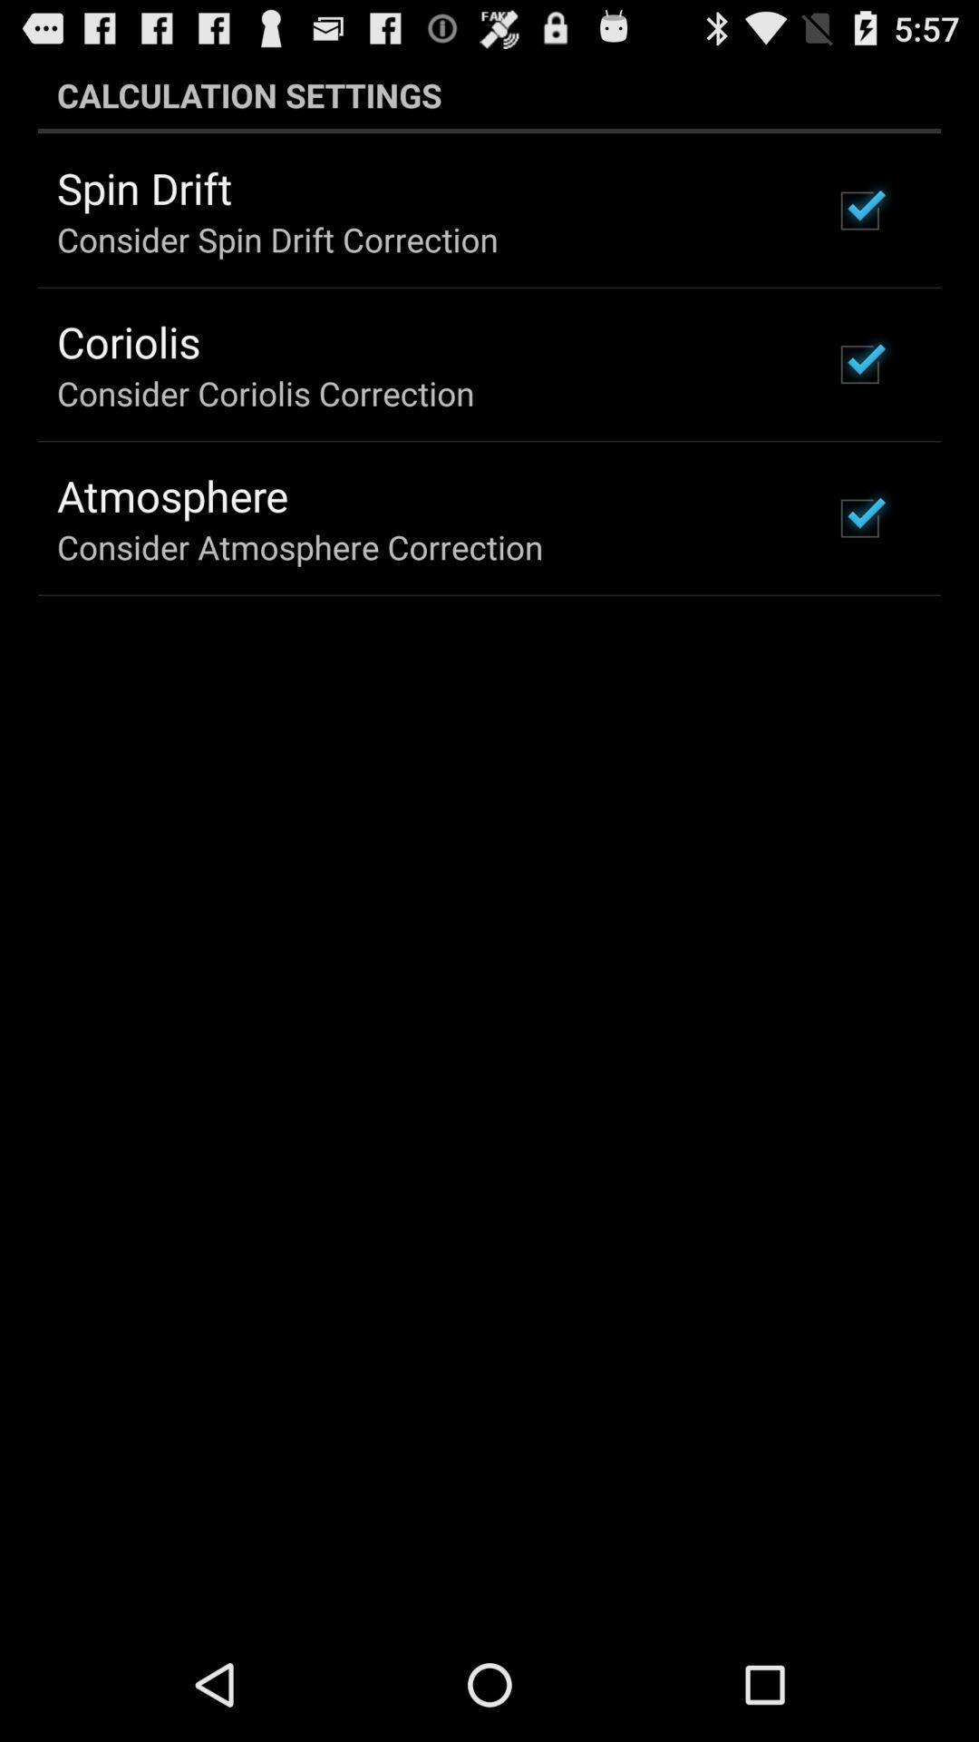 The width and height of the screenshot is (979, 1742). I want to click on the app above the spin drift icon, so click(489, 94).